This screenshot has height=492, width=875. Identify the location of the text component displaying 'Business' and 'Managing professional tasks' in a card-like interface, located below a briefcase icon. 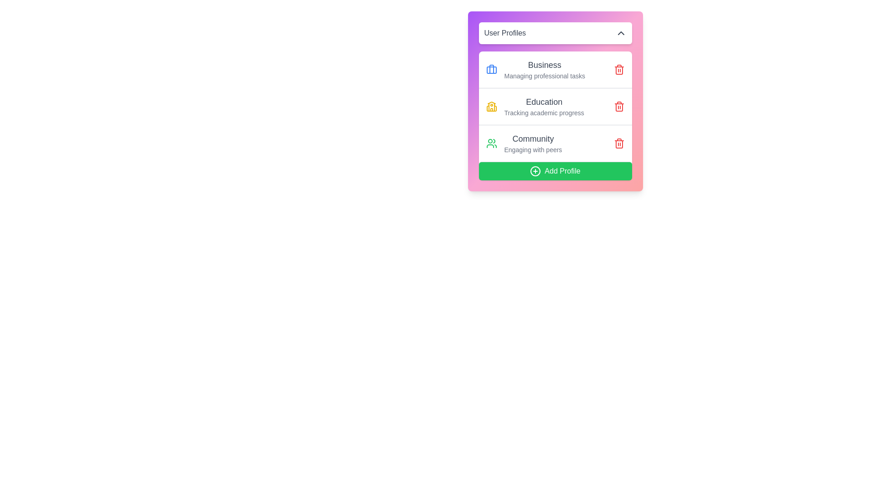
(545, 69).